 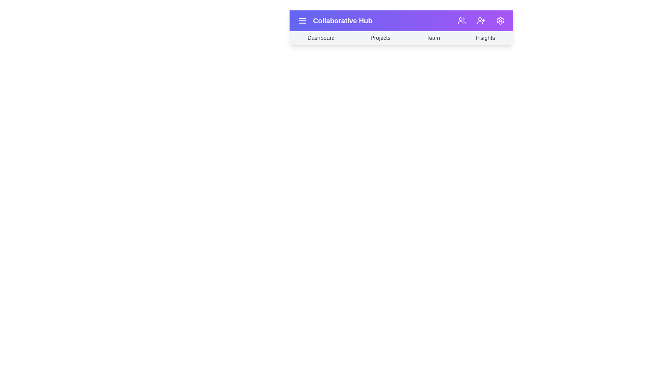 What do you see at coordinates (485, 38) in the screenshot?
I see `the navigation bar section corresponding to Insights` at bounding box center [485, 38].